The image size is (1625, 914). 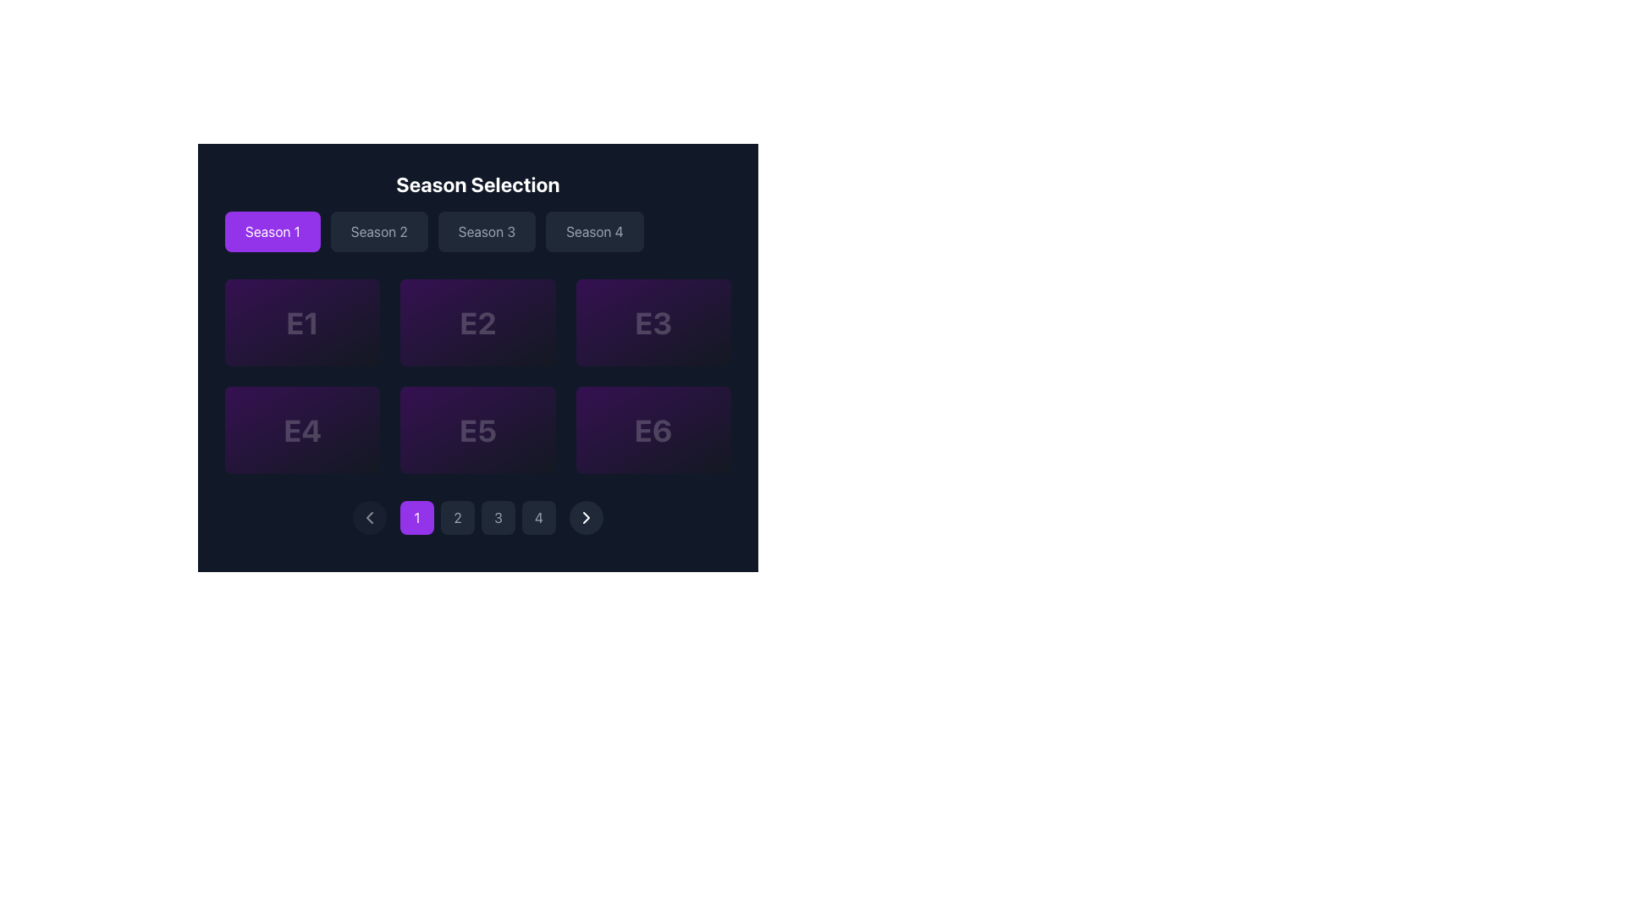 I want to click on the pagination button located at the far right of the pagination control area, so click(x=586, y=517).